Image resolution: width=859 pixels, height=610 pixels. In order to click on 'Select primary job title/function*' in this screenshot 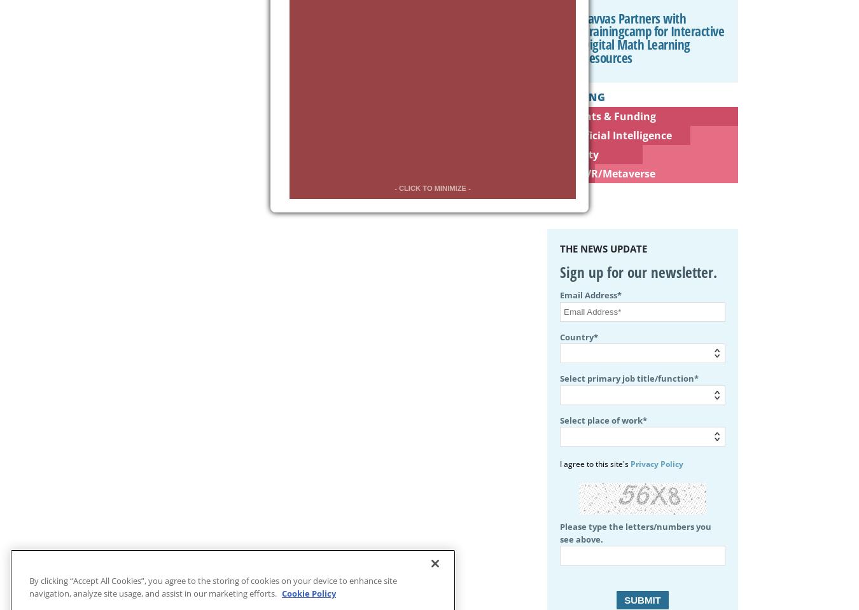, I will do `click(629, 377)`.